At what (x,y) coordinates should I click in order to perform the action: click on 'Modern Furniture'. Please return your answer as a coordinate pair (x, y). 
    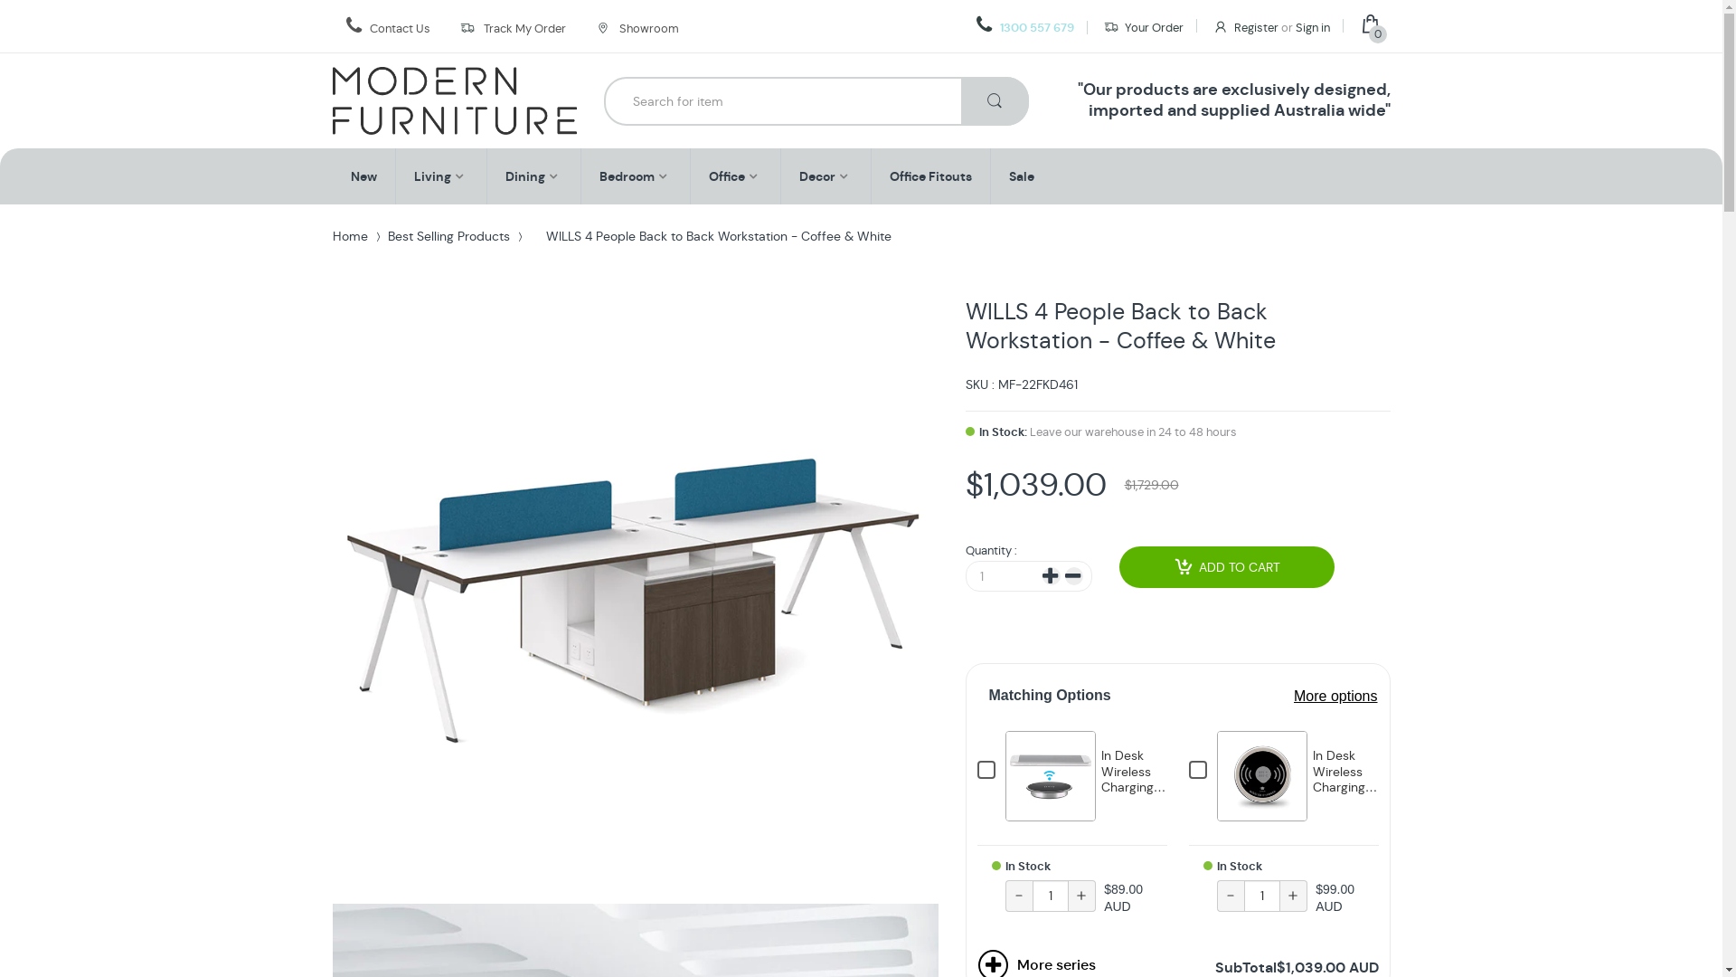
    Looking at the image, I should click on (455, 100).